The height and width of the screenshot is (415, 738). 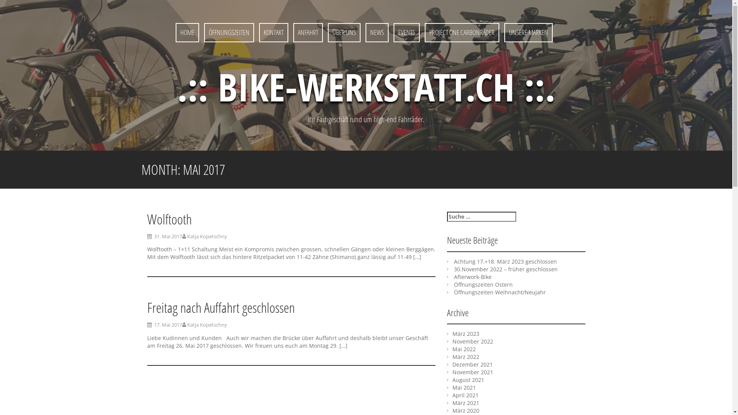 I want to click on 'KONTAKT', so click(x=273, y=32).